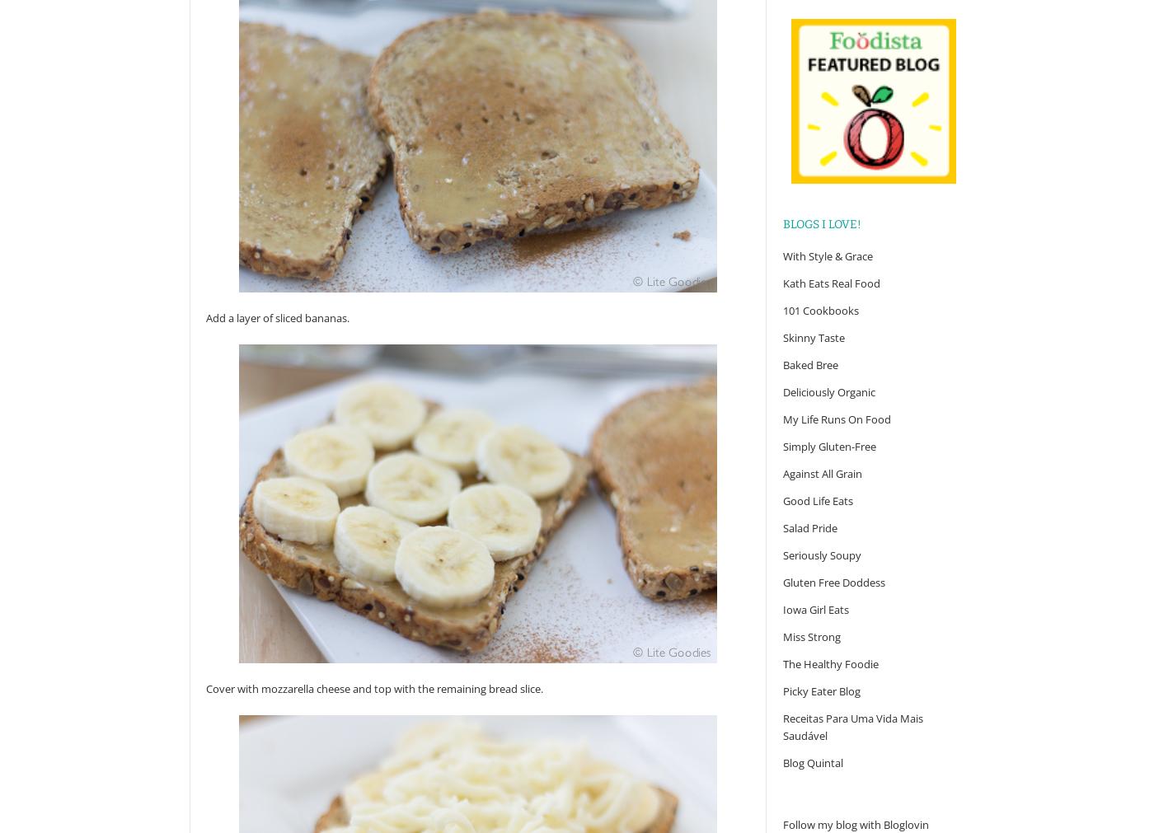 Image resolution: width=1154 pixels, height=833 pixels. What do you see at coordinates (828, 446) in the screenshot?
I see `'Simply Gluten-Free'` at bounding box center [828, 446].